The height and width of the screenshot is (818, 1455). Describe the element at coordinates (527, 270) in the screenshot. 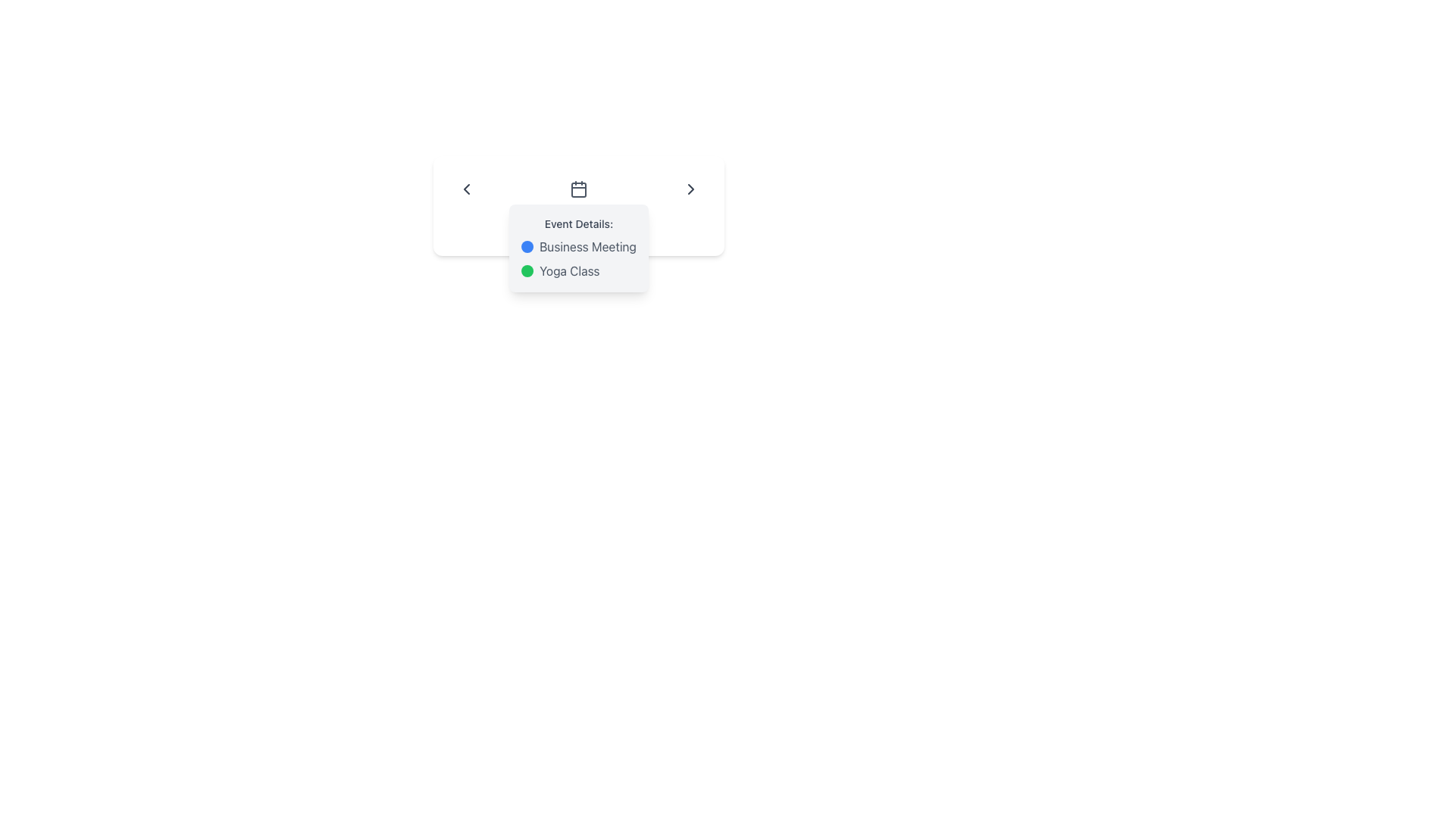

I see `the small, green circular indicator located to the left of the 'Yoga Class' text within the 'Event Details' section` at that location.